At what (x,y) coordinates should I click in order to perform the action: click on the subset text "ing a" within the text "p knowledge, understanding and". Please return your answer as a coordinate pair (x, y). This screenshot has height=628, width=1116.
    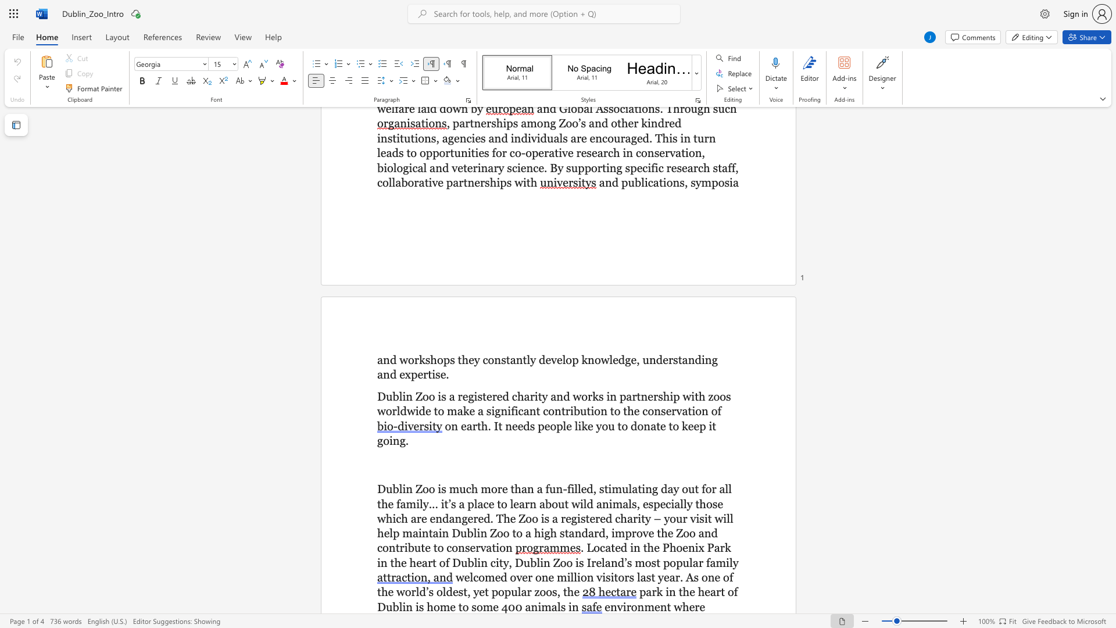
    Looking at the image, I should click on (700, 359).